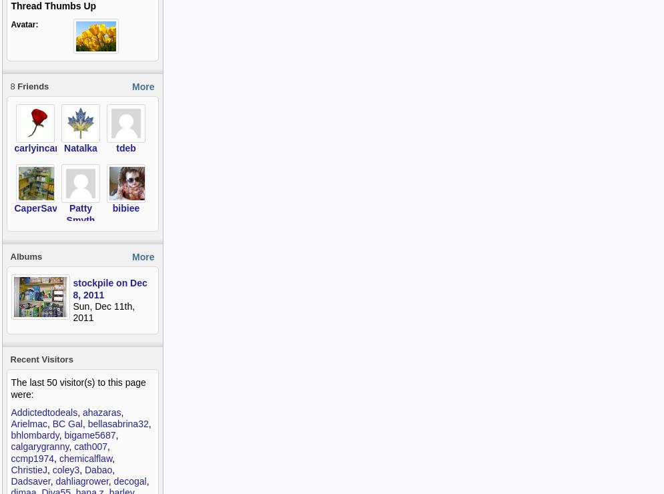  What do you see at coordinates (103, 312) in the screenshot?
I see `'Sun, Dec 11th, 2011'` at bounding box center [103, 312].